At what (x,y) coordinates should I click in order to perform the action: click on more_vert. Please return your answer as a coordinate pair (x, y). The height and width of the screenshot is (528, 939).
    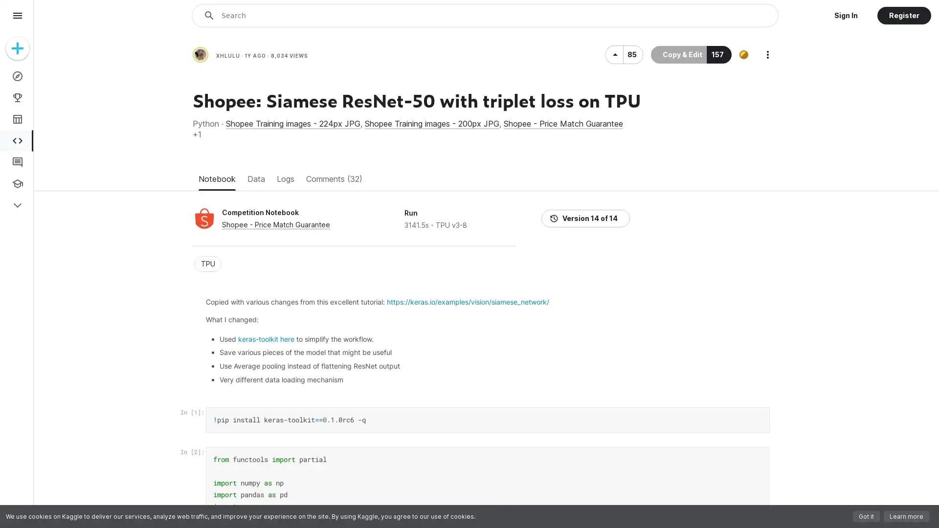
    Looking at the image, I should click on (767, 167).